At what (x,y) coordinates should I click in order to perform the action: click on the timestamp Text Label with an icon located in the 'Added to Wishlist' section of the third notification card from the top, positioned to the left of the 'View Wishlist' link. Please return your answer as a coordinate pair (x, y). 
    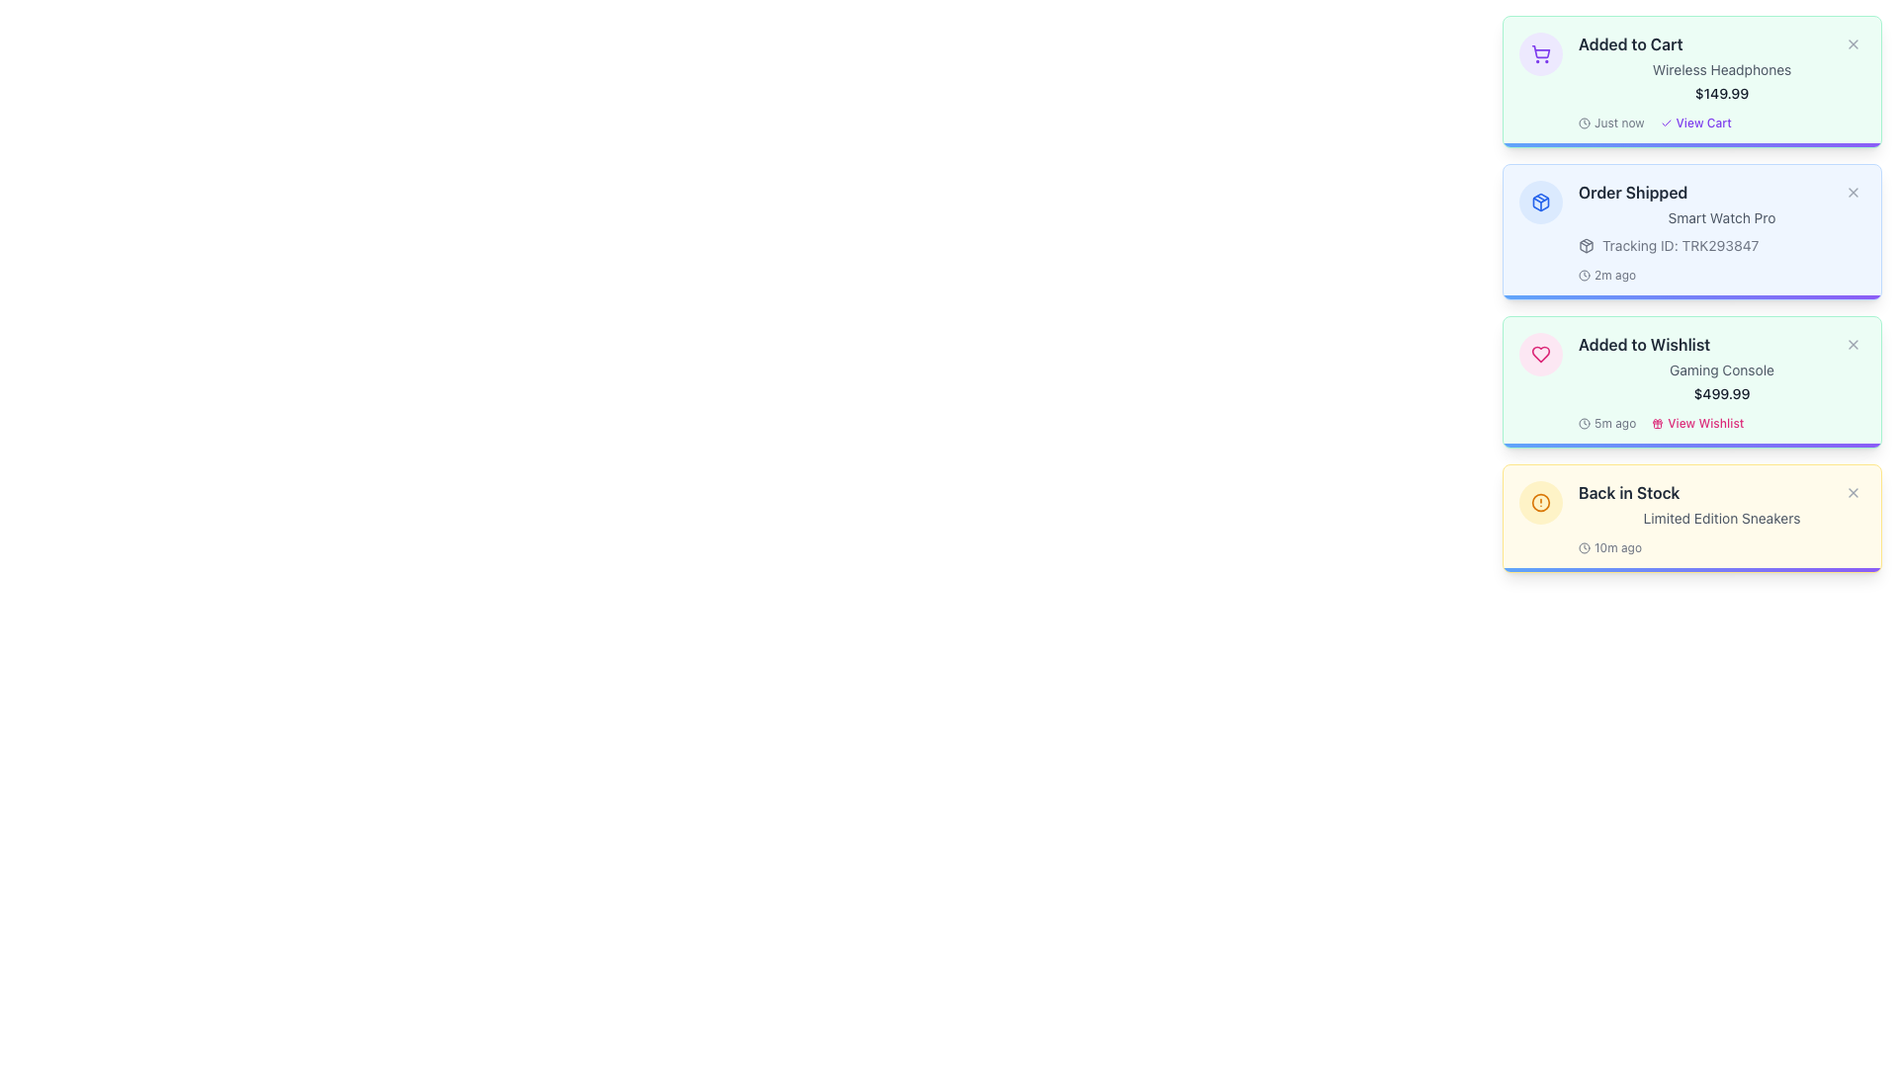
    Looking at the image, I should click on (1607, 422).